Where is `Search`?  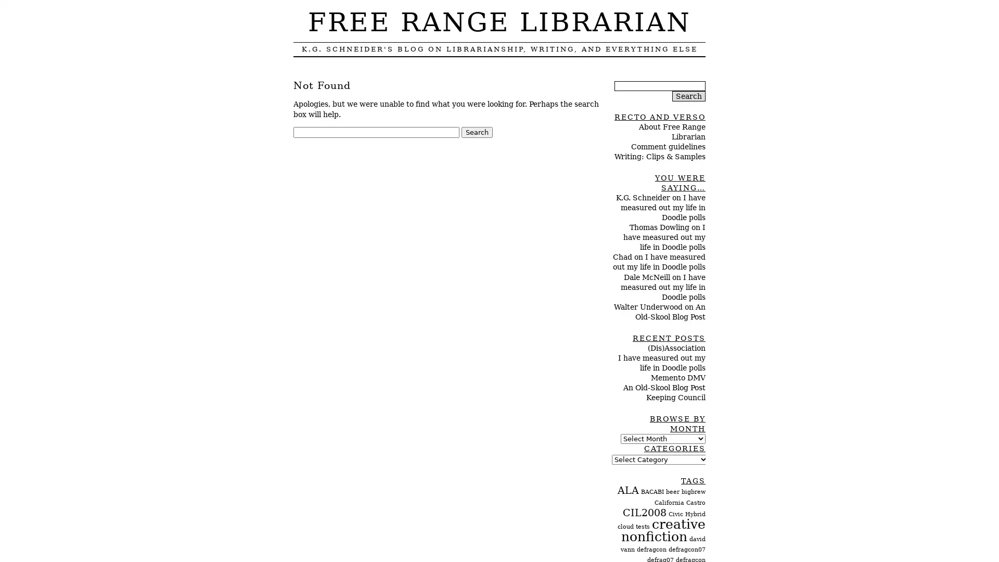
Search is located at coordinates (689, 96).